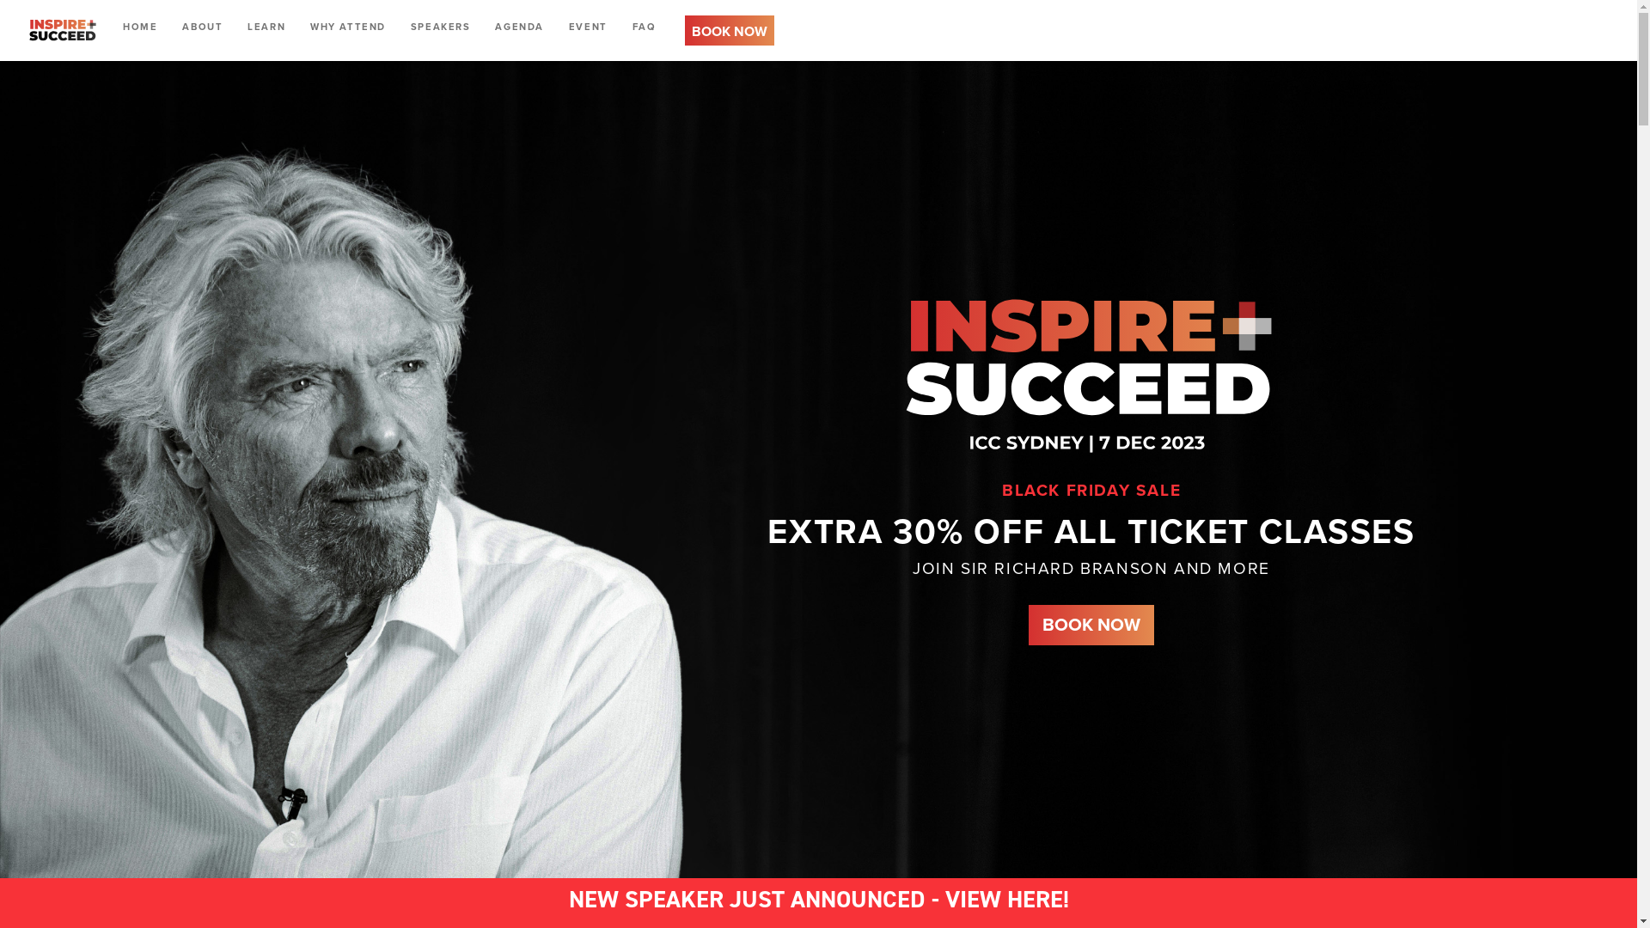  Describe the element at coordinates (518, 26) in the screenshot. I see `'AGENDA'` at that location.